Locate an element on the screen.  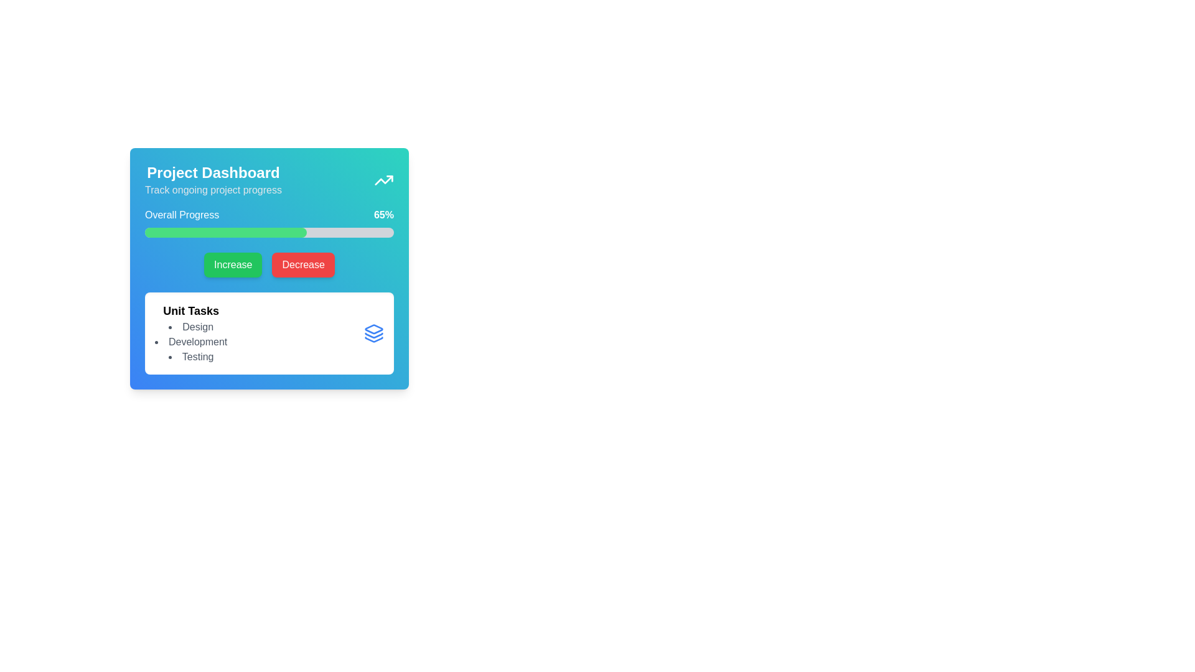
the static text element displaying '65%' in bold on a teal background, which is located to the right of the 'Overall Progress' section and aligned with the progress bar is located at coordinates (383, 215).